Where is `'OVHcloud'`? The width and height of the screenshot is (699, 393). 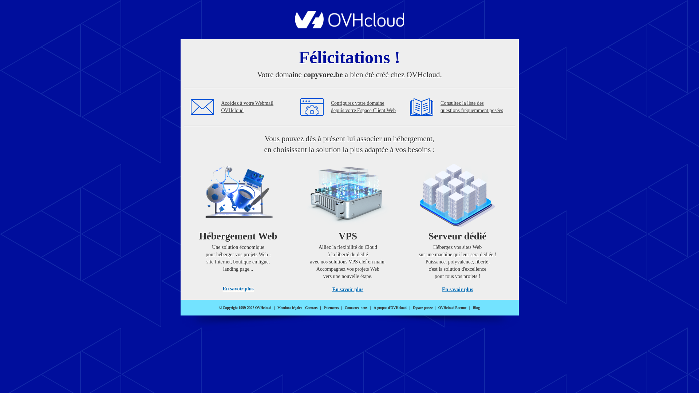
'OVHcloud' is located at coordinates (349, 26).